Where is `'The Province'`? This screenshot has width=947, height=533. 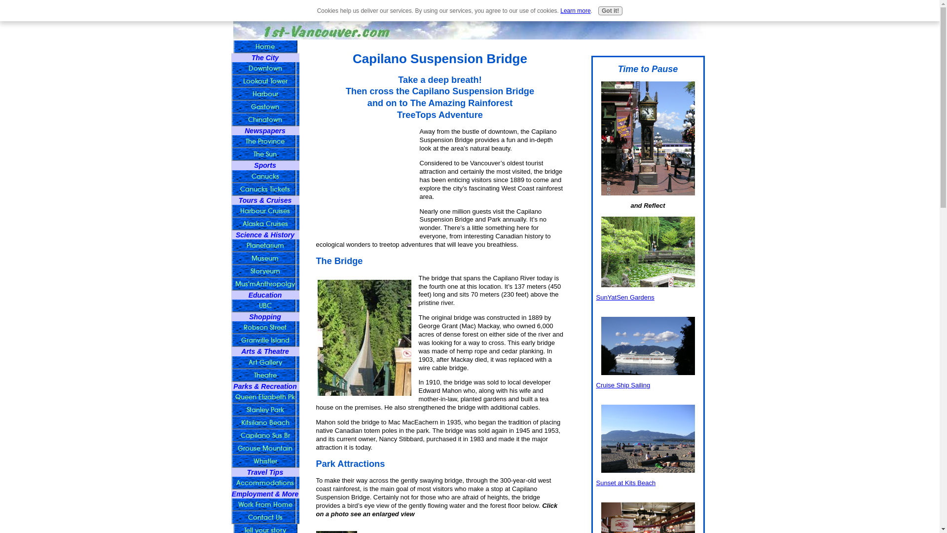
'The Province' is located at coordinates (265, 141).